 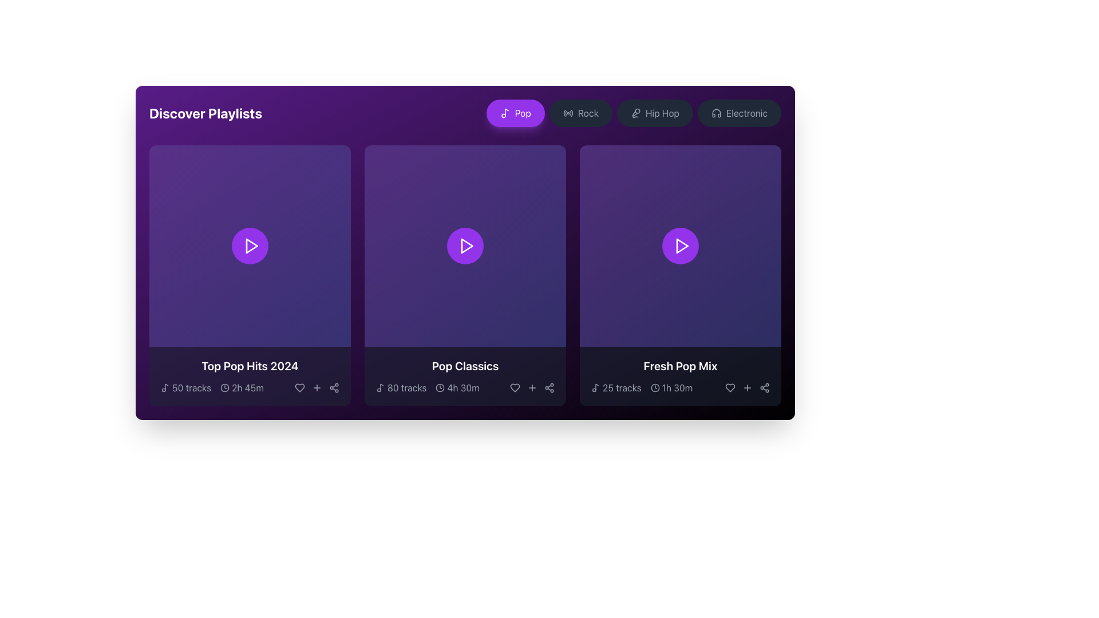 I want to click on the heart icon button located at the bottom of the second playlist card, so click(x=515, y=387).